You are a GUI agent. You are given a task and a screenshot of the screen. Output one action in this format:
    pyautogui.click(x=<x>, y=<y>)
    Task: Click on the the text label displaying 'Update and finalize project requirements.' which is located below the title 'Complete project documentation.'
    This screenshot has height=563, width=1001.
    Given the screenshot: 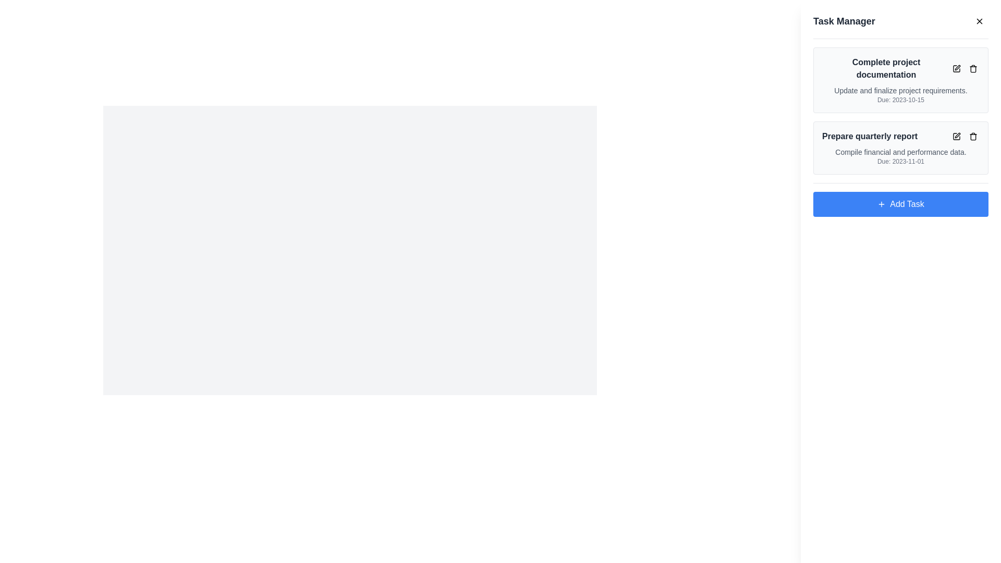 What is the action you would take?
    pyautogui.click(x=900, y=90)
    